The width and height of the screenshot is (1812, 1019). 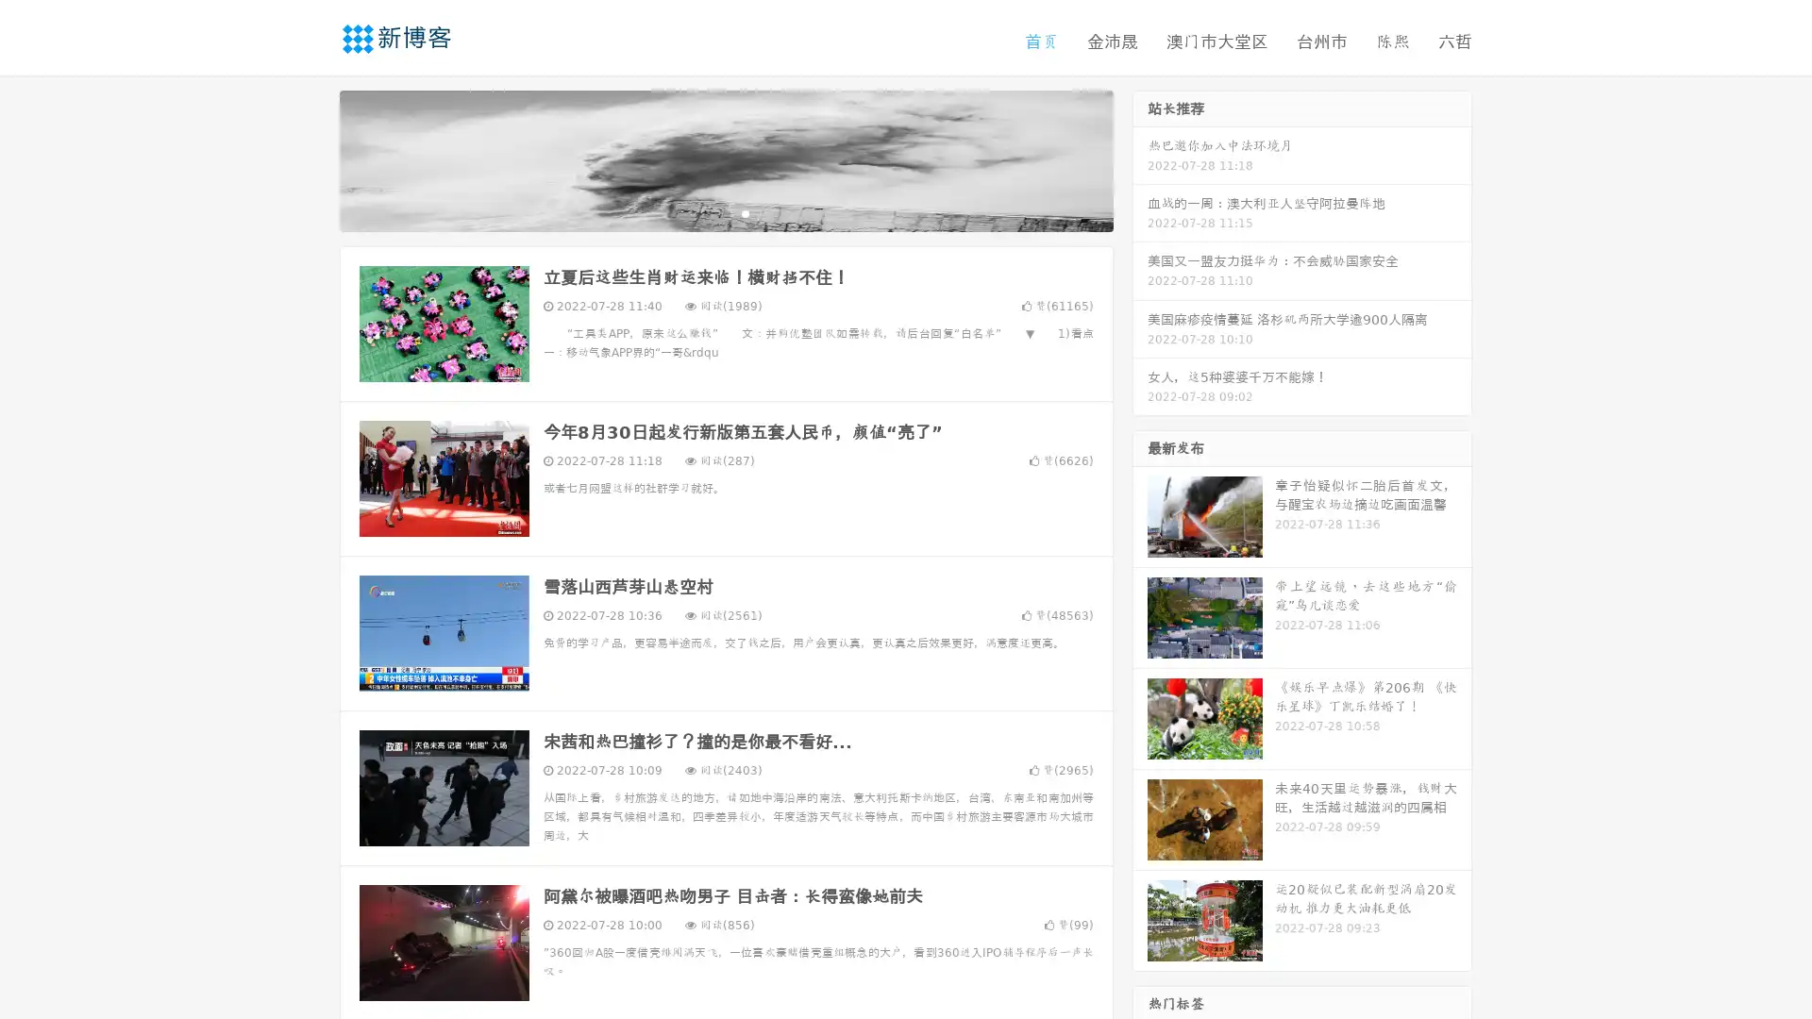 What do you see at coordinates (311, 159) in the screenshot?
I see `Previous slide` at bounding box center [311, 159].